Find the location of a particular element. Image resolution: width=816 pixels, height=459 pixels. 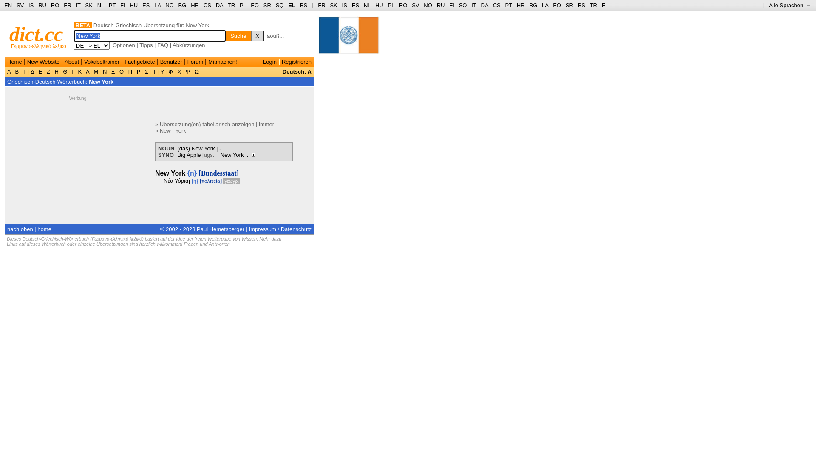

'HU' is located at coordinates (133, 5).